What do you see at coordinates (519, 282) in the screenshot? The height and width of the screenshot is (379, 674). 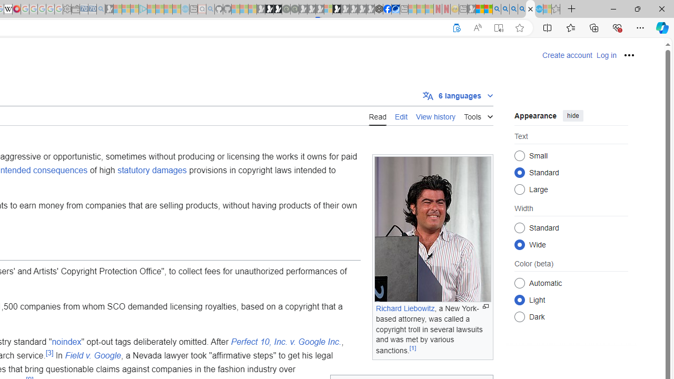 I see `'Automatic'` at bounding box center [519, 282].